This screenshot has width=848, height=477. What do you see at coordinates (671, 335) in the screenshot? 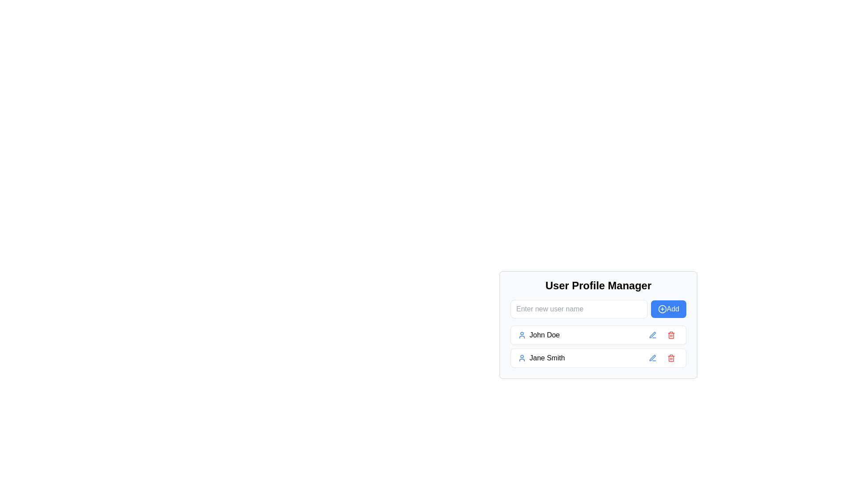
I see `the red trash can icon adjacent to 'John Doe' in the 'User Profile Manager'` at bounding box center [671, 335].